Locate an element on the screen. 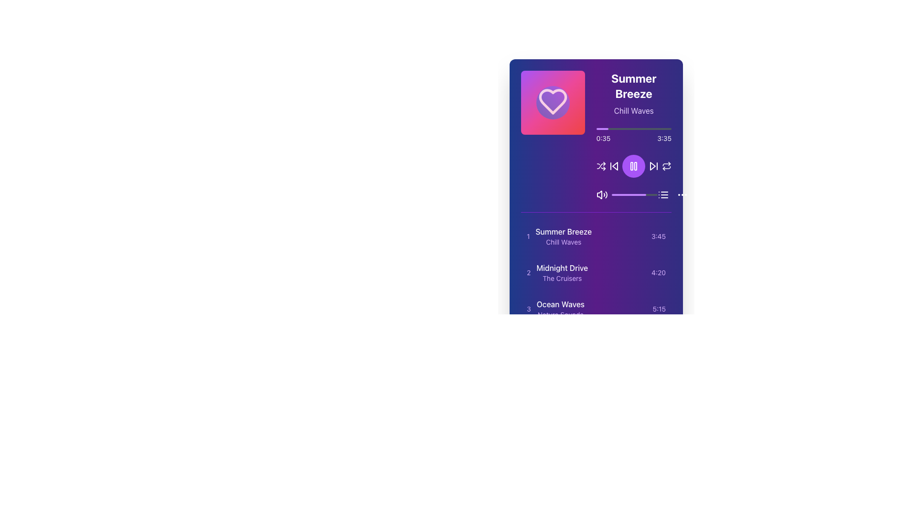 This screenshot has height=516, width=917. the slider value is located at coordinates (639, 194).